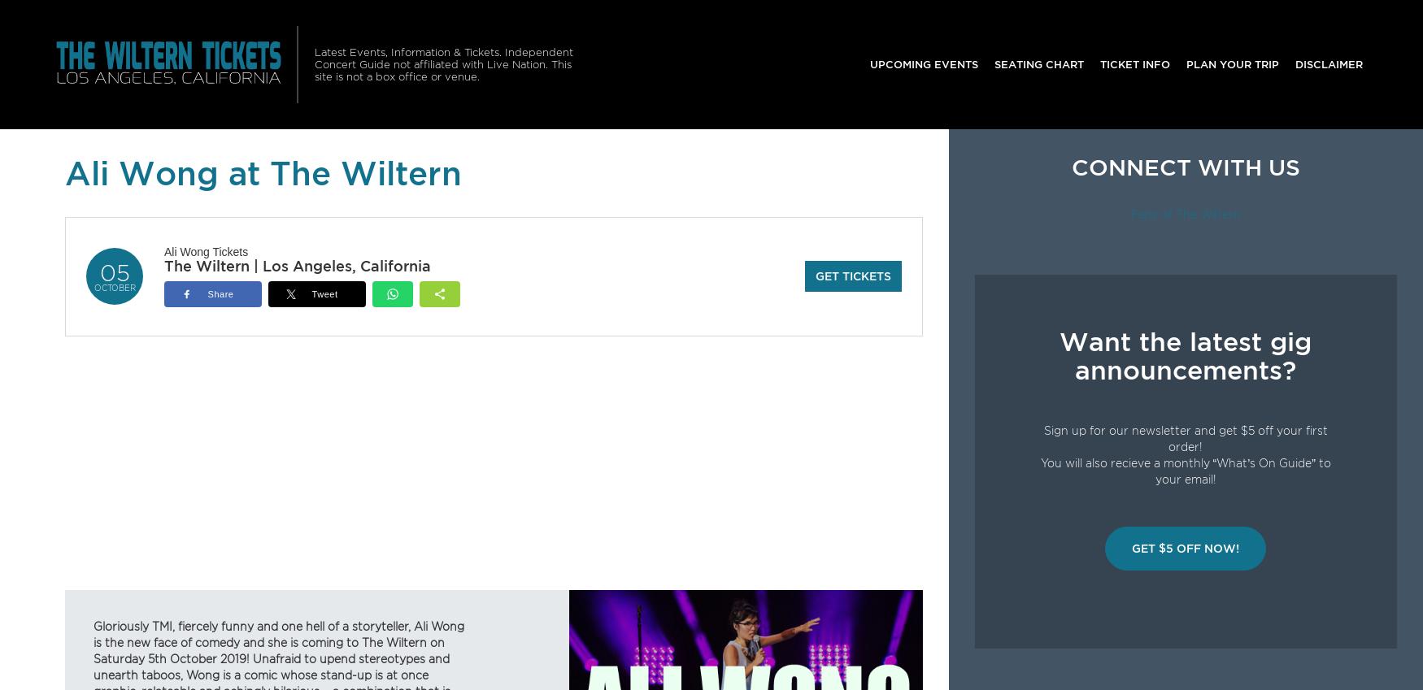 The height and width of the screenshot is (690, 1423). Describe the element at coordinates (851, 276) in the screenshot. I see `'Get Tickets'` at that location.